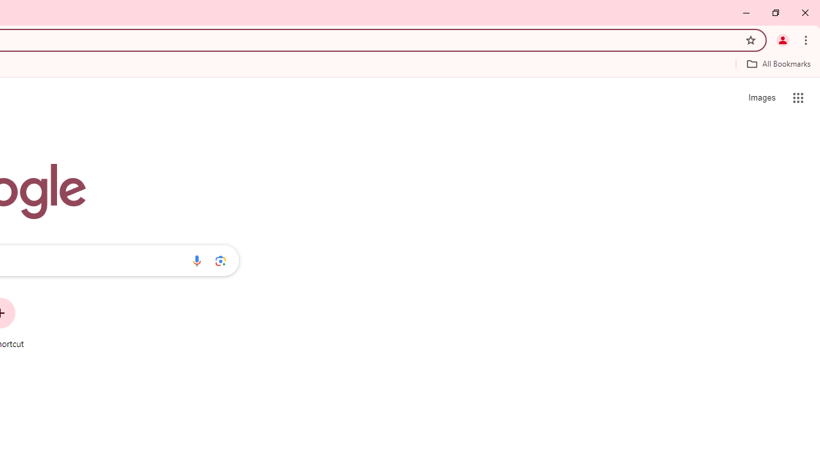  Describe the element at coordinates (196, 260) in the screenshot. I see `'Search by voice'` at that location.